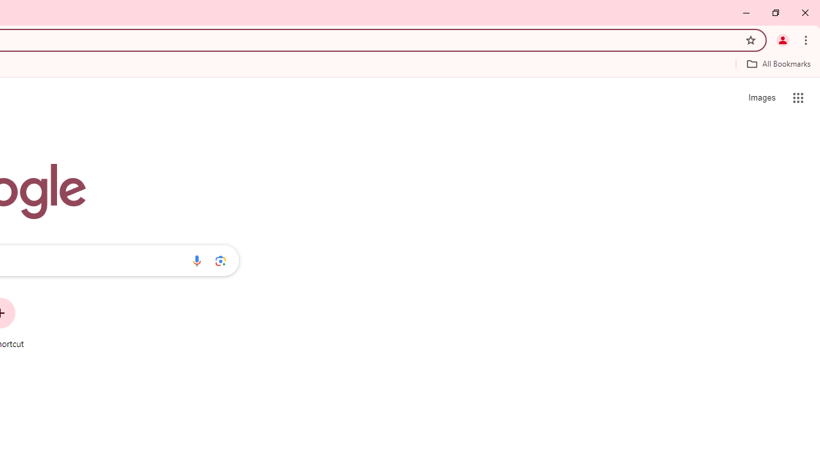  Describe the element at coordinates (196, 260) in the screenshot. I see `'Search by voice'` at that location.